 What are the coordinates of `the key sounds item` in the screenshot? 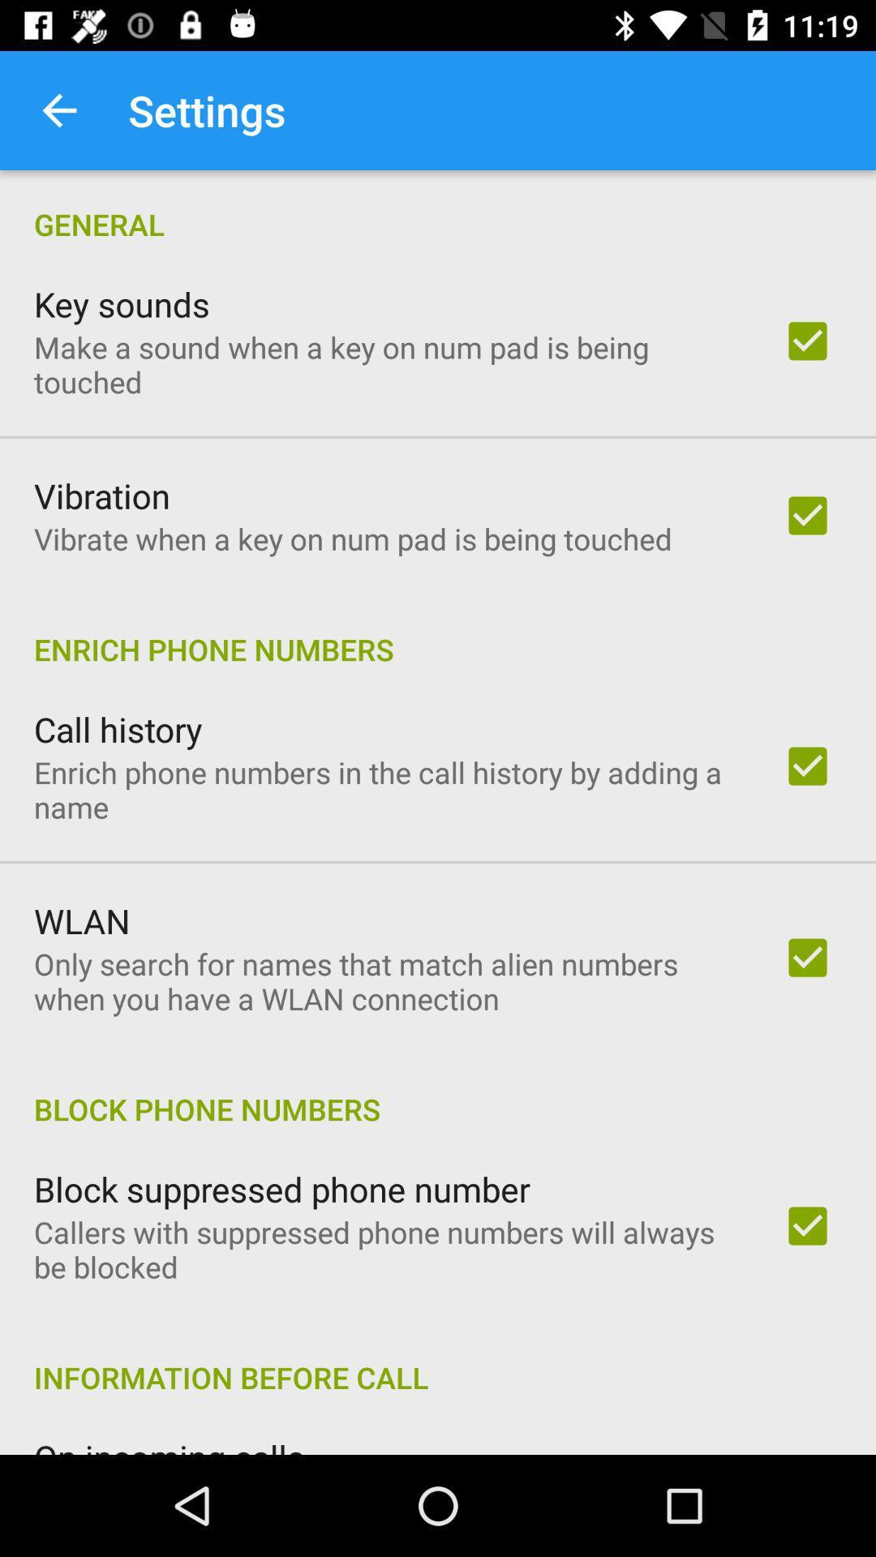 It's located at (121, 303).